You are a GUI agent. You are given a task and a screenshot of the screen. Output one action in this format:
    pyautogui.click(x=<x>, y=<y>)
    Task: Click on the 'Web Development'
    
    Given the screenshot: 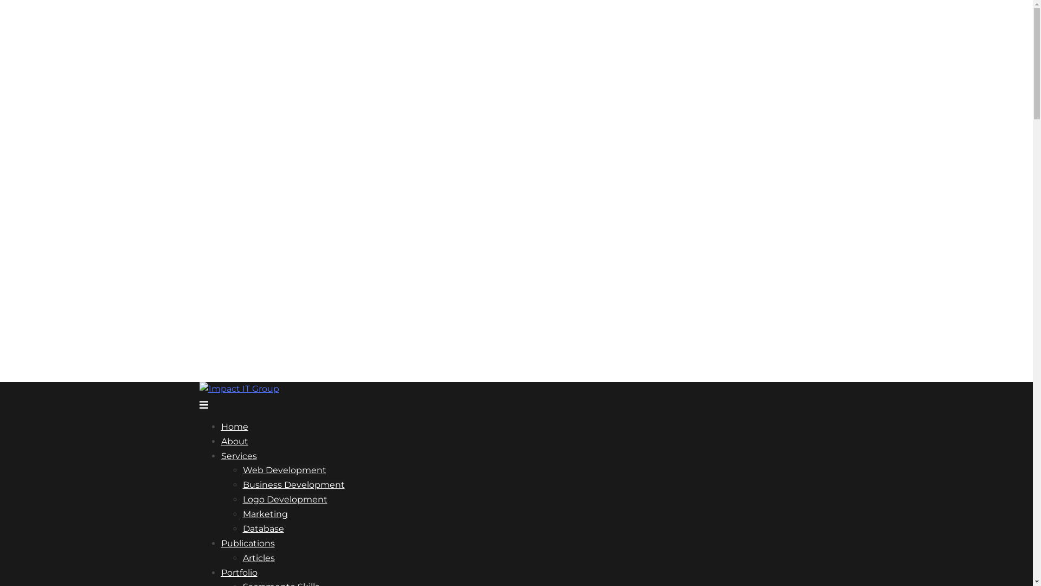 What is the action you would take?
    pyautogui.click(x=284, y=469)
    